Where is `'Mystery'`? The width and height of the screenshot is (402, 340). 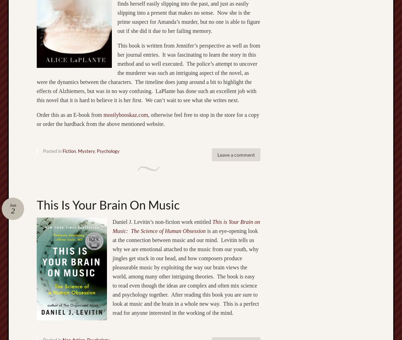 'Mystery' is located at coordinates (86, 150).